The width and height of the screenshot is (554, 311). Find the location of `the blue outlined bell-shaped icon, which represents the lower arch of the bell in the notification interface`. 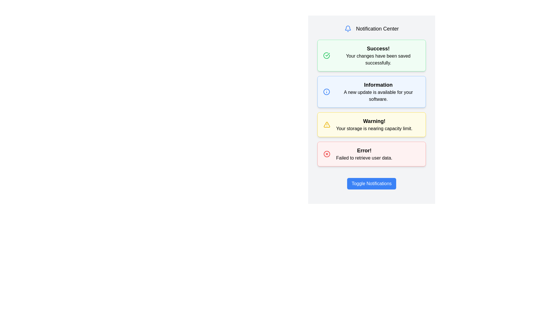

the blue outlined bell-shaped icon, which represents the lower arch of the bell in the notification interface is located at coordinates (347, 28).